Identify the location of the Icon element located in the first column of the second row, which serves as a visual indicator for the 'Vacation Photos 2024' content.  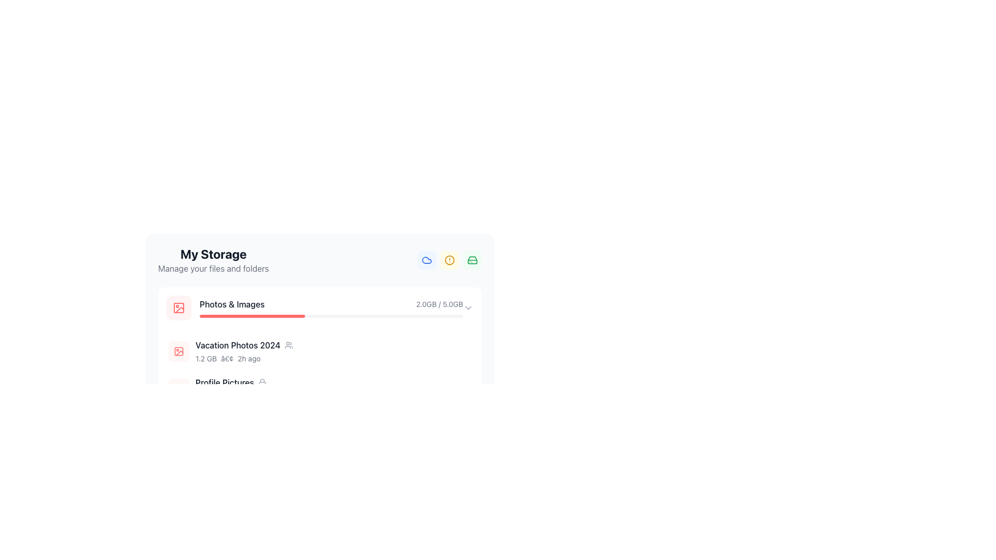
(179, 351).